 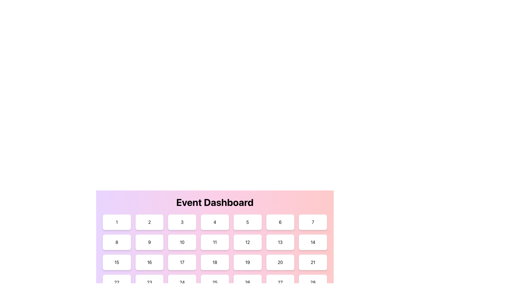 What do you see at coordinates (116, 222) in the screenshot?
I see `the interactive button labeled '1' located` at bounding box center [116, 222].